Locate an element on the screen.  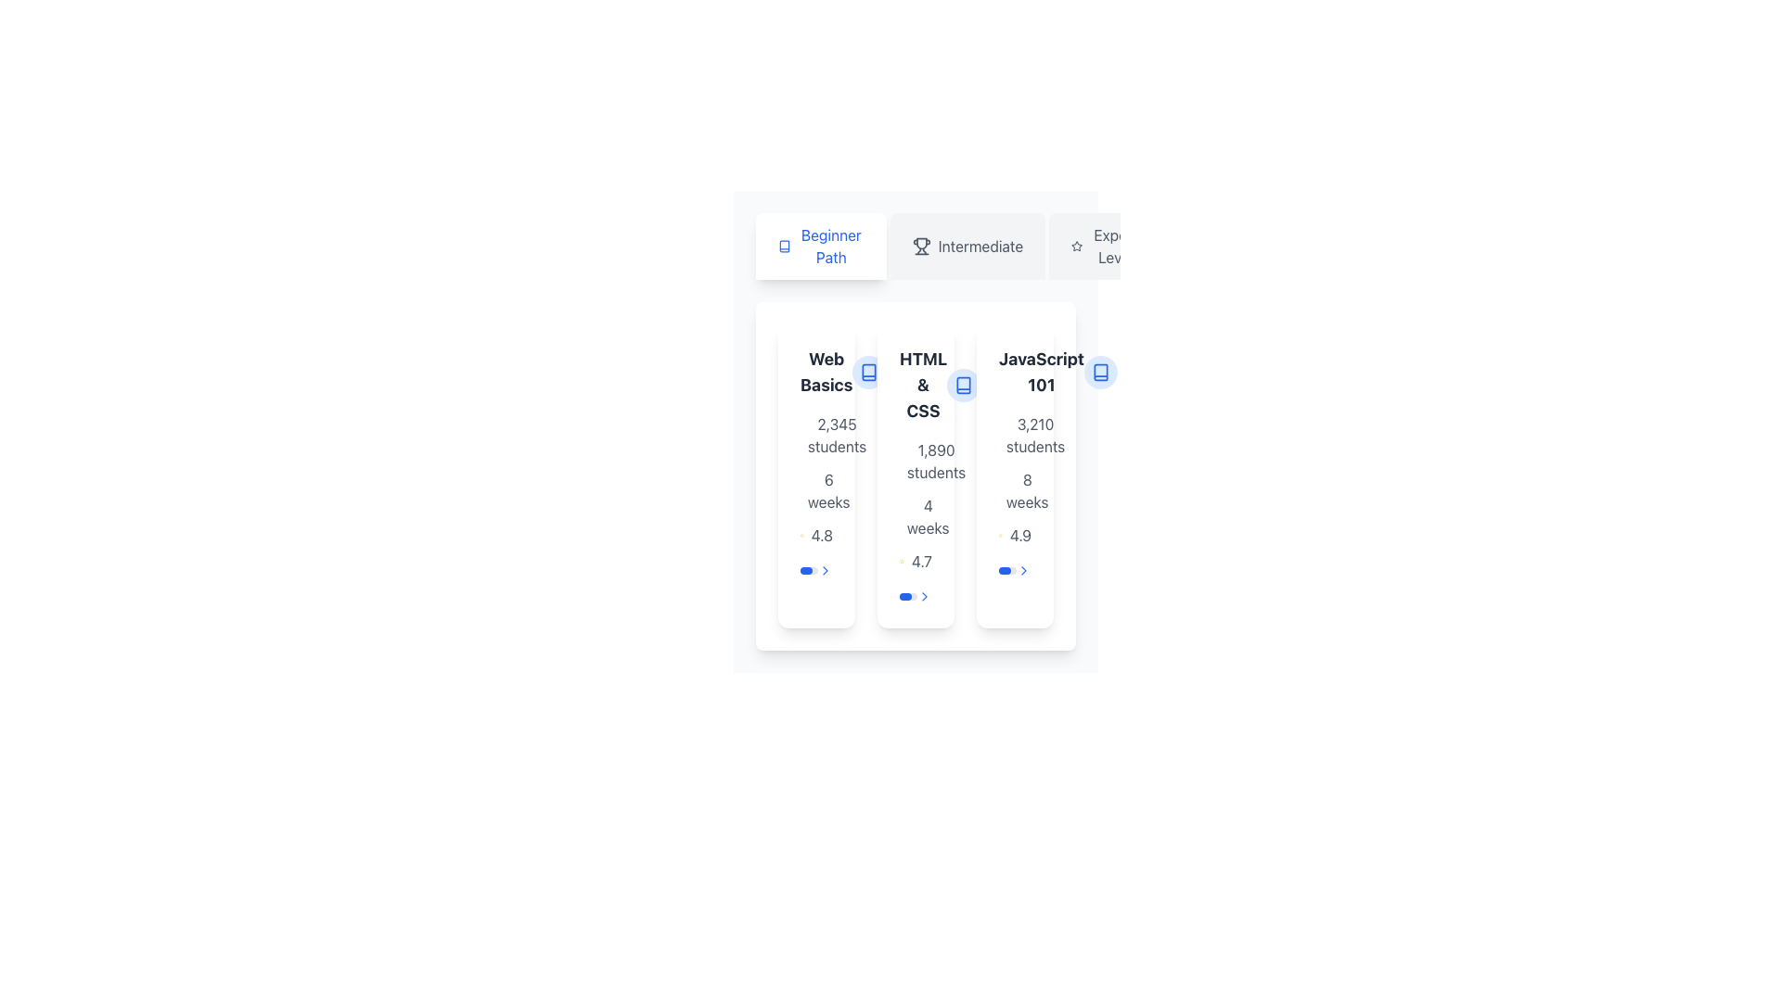
the text element that provides information about the duration of the course 'JavaScript 101', which is located centrally below the student count and above the rating indicator within the course card is located at coordinates (1026, 489).